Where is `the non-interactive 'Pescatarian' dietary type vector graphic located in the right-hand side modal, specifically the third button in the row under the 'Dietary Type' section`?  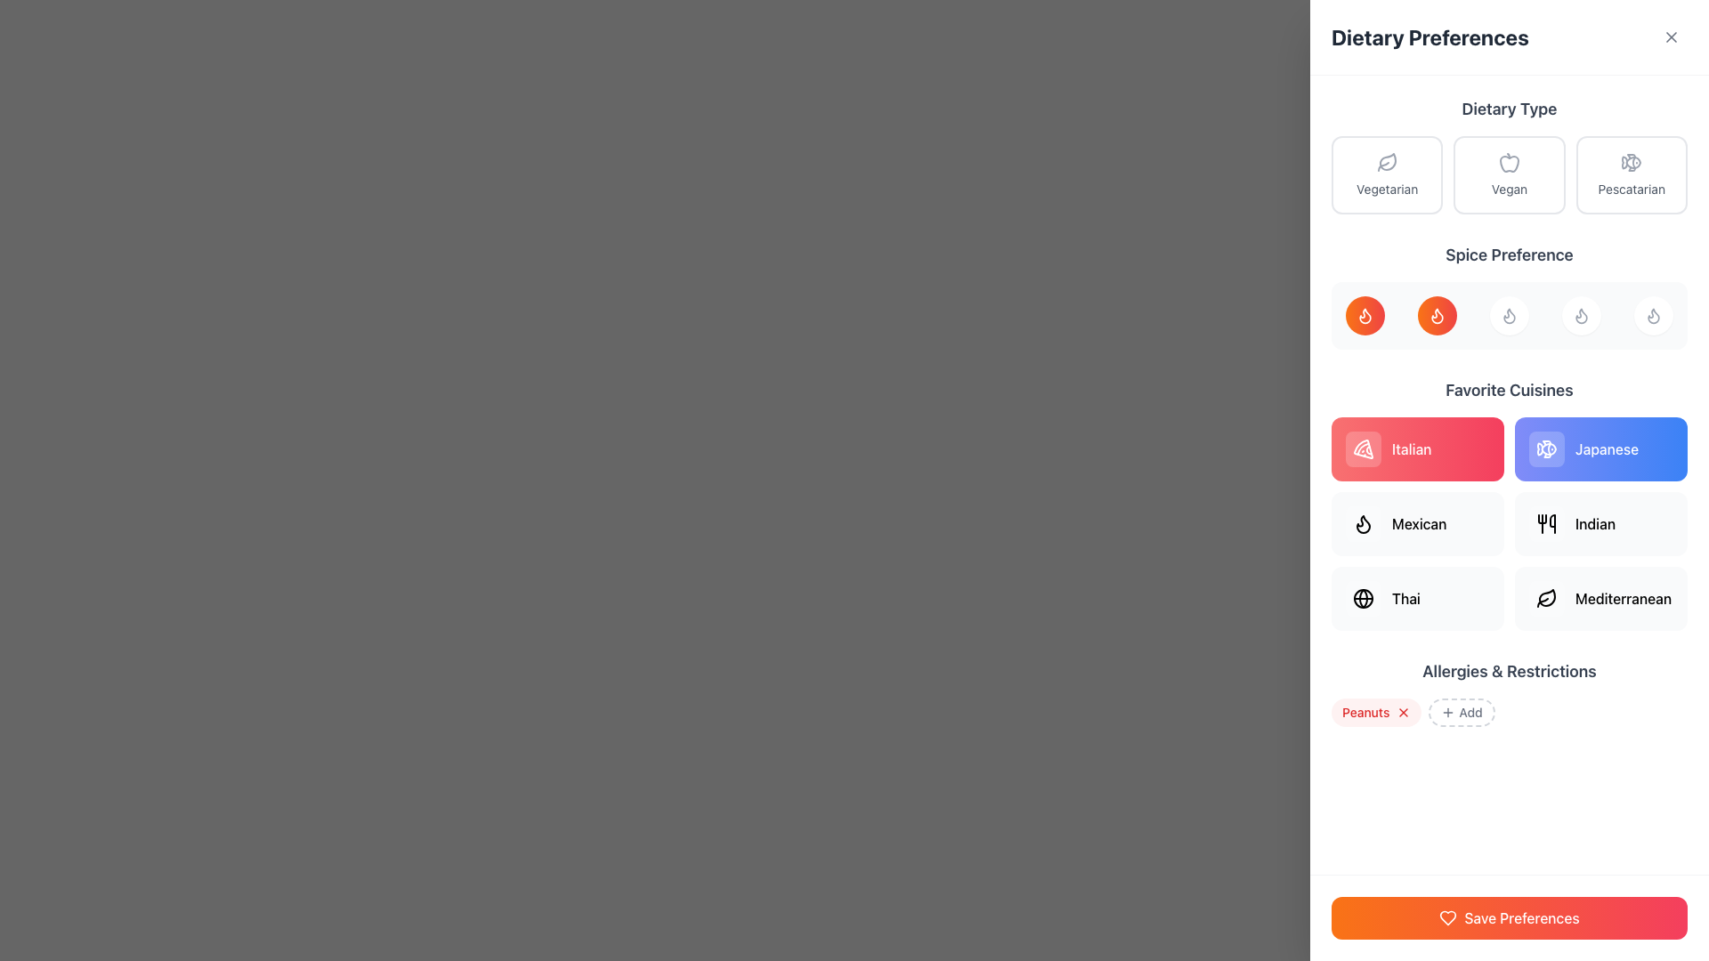 the non-interactive 'Pescatarian' dietary type vector graphic located in the right-hand side modal, specifically the third button in the row under the 'Dietary Type' section is located at coordinates (1633, 162).